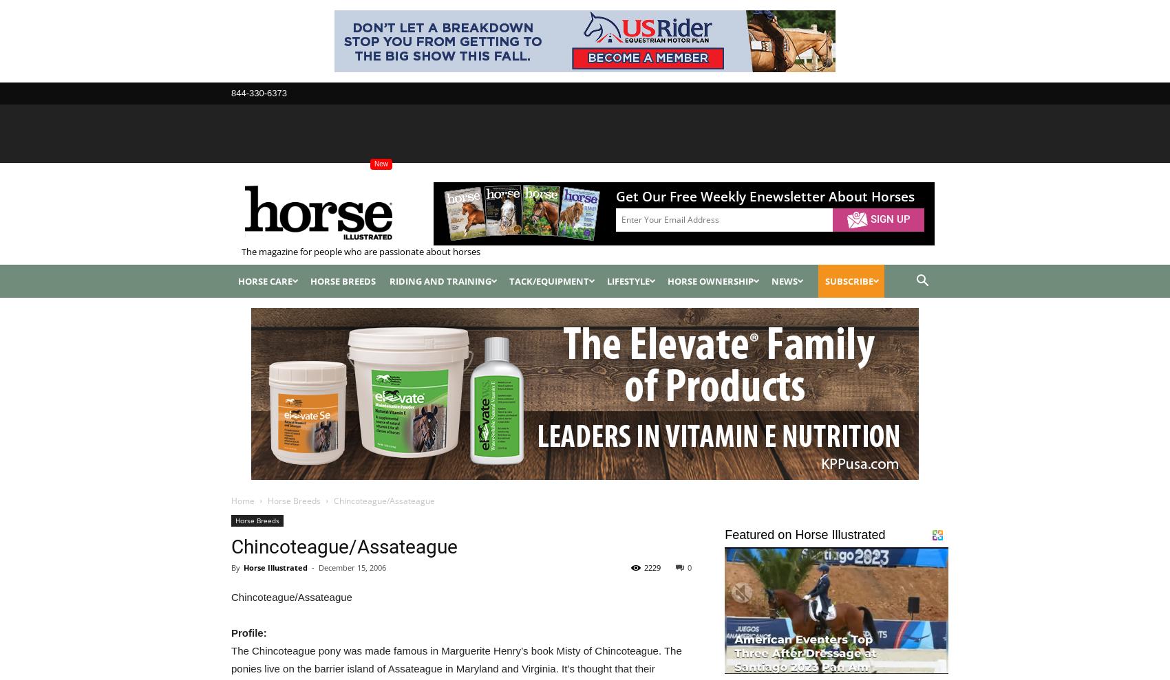 The image size is (1170, 680). I want to click on 'Search', so click(584, 79).